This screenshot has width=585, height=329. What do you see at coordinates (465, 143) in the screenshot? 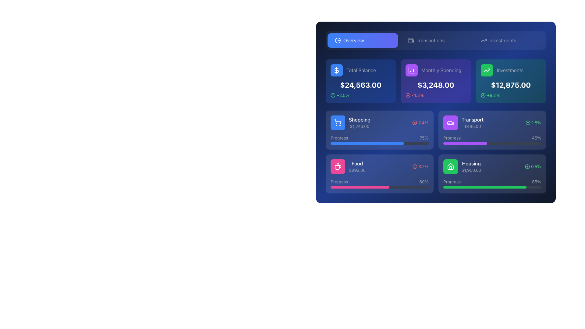
I see `visual indicator of the horizontal purple progress bar segment indicating 45% completion within the 'Transport' section` at bounding box center [465, 143].